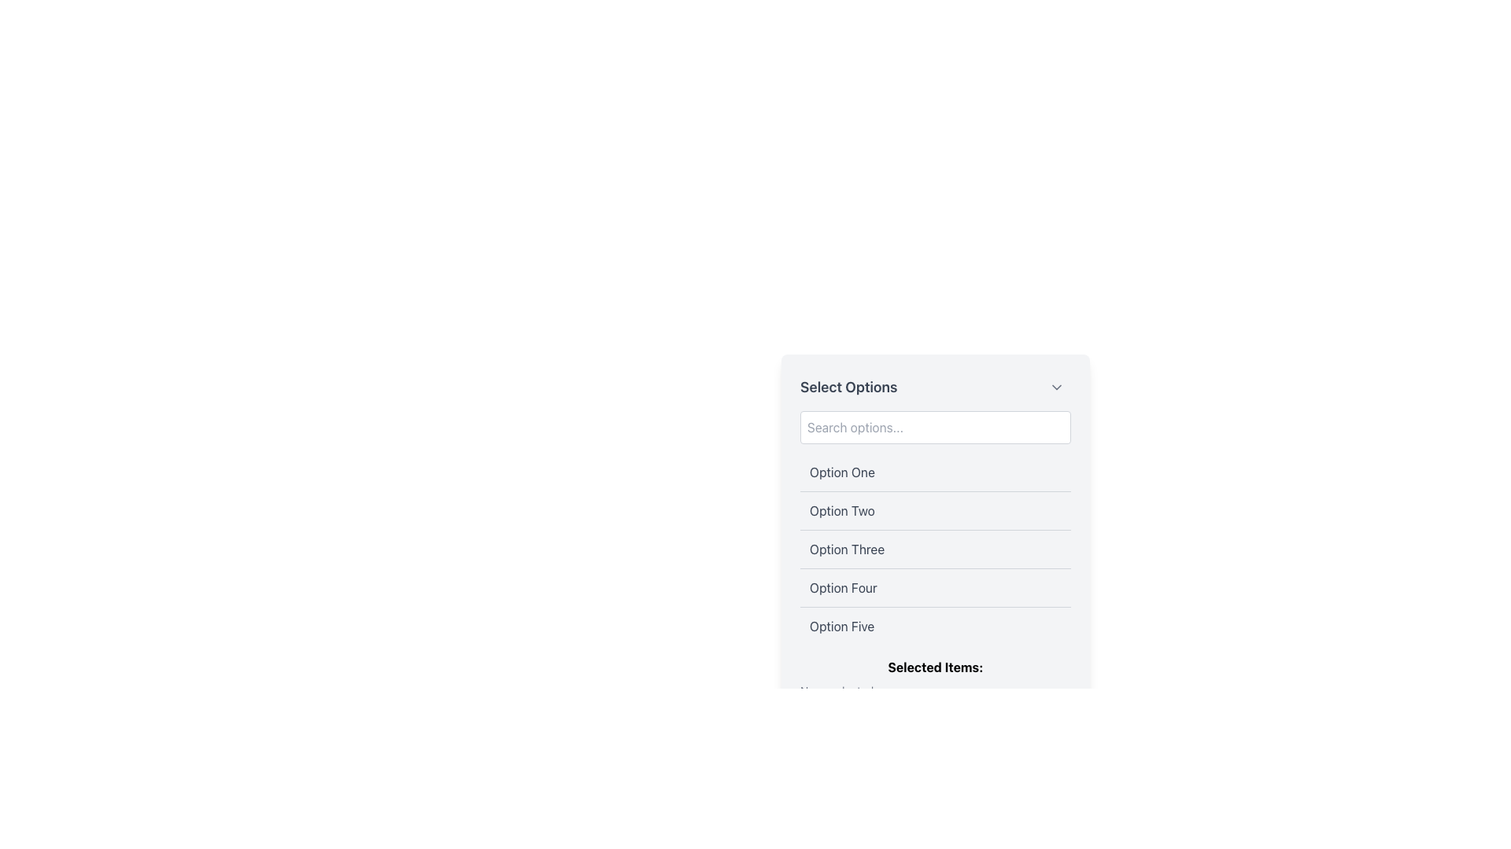  I want to click on the text label reading 'Option Three', which is the third item in the list under the 'Select Options' header, so click(845, 548).